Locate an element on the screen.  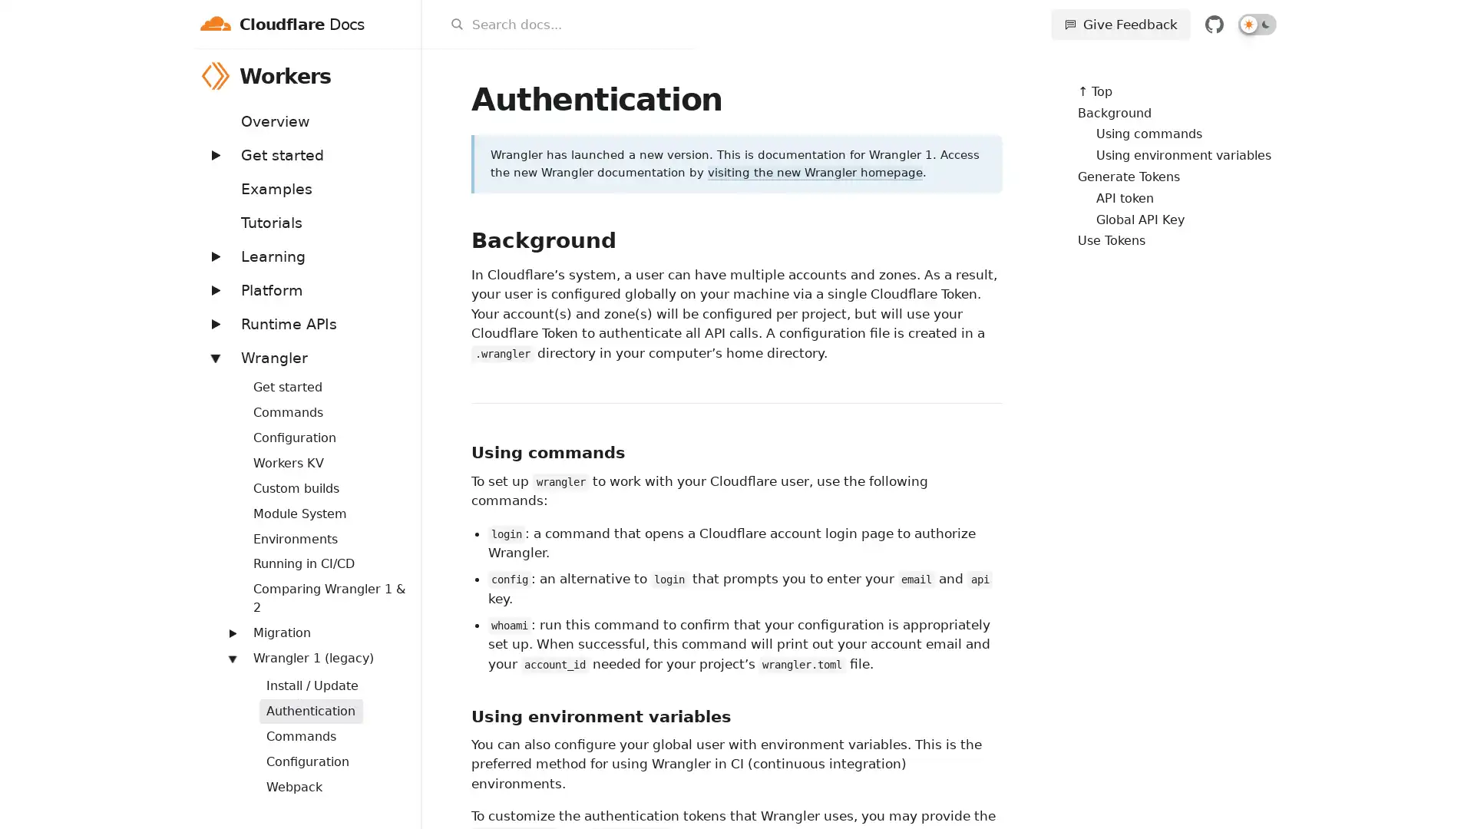
Expand: Bindings is located at coordinates (223, 343).